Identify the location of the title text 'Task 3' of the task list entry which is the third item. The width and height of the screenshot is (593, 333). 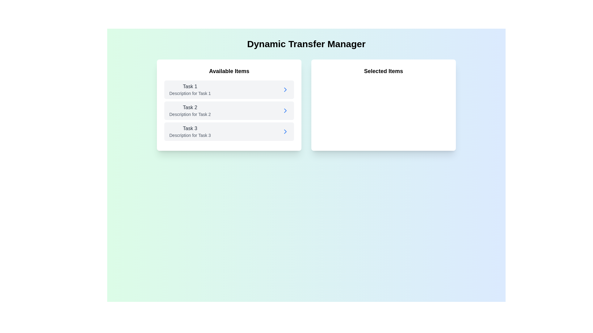
(190, 131).